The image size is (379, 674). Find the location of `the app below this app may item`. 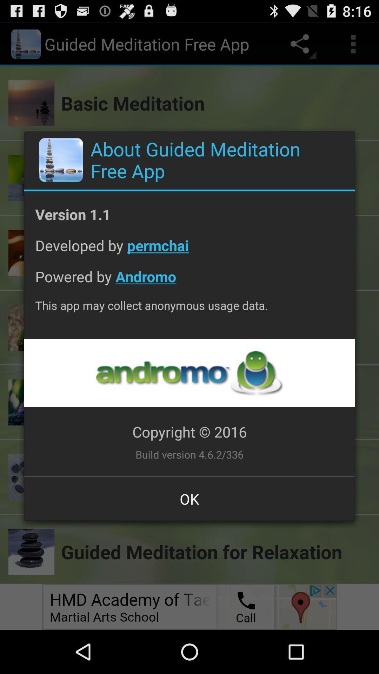

the app below this app may item is located at coordinates (189, 372).